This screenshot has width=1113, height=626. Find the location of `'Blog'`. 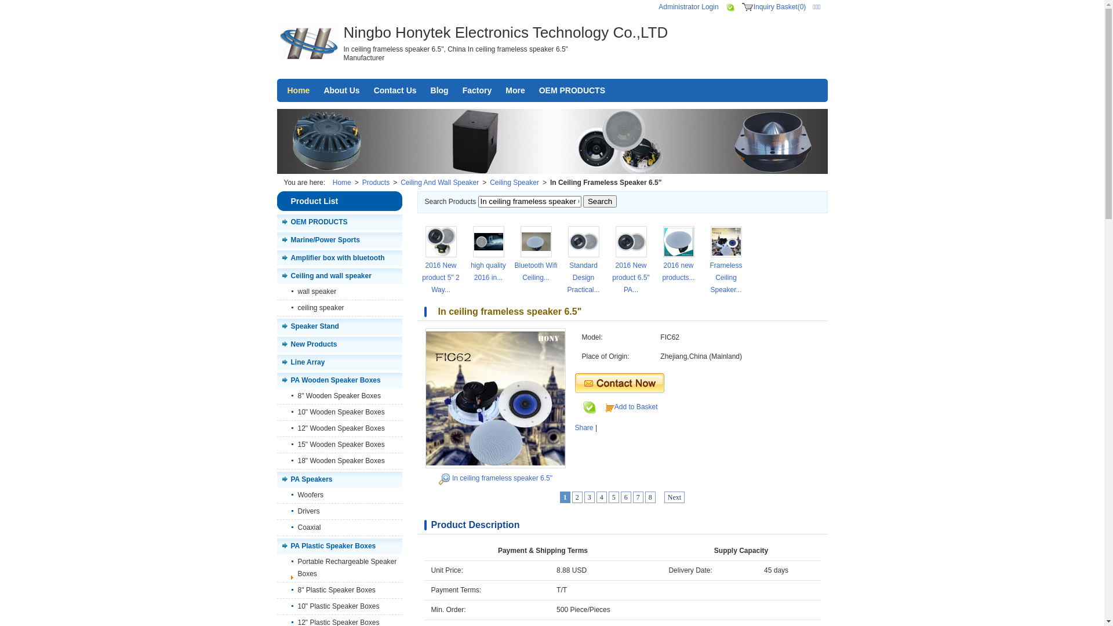

'Blog' is located at coordinates (439, 89).